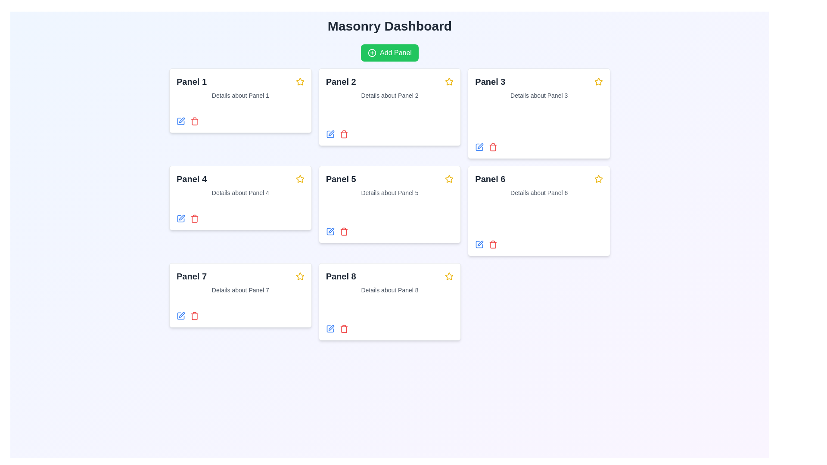 Image resolution: width=827 pixels, height=465 pixels. What do you see at coordinates (490, 179) in the screenshot?
I see `the bold, extra-large heading text label that reads 'Panel 6' located in the second column and second row of the Masonry Dashboard` at bounding box center [490, 179].